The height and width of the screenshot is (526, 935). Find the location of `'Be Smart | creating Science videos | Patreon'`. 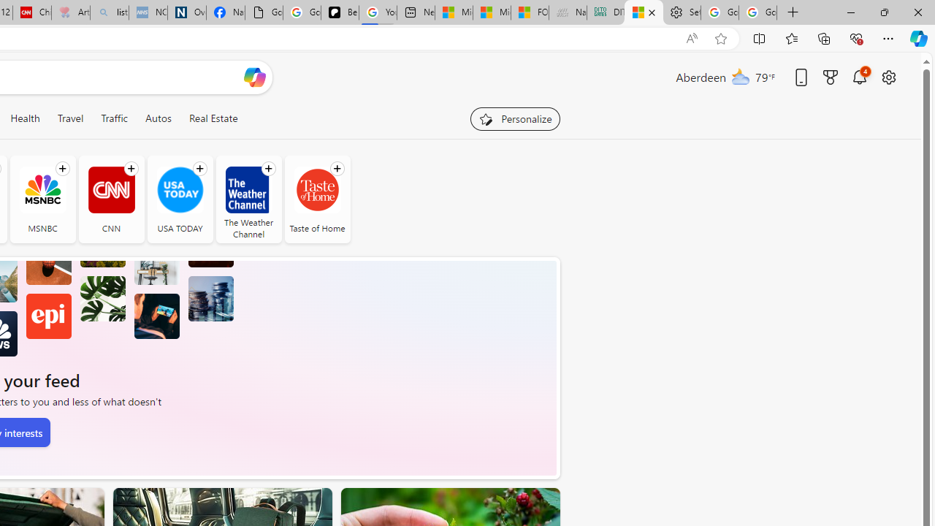

'Be Smart | creating Science videos | Patreon' is located at coordinates (339, 12).